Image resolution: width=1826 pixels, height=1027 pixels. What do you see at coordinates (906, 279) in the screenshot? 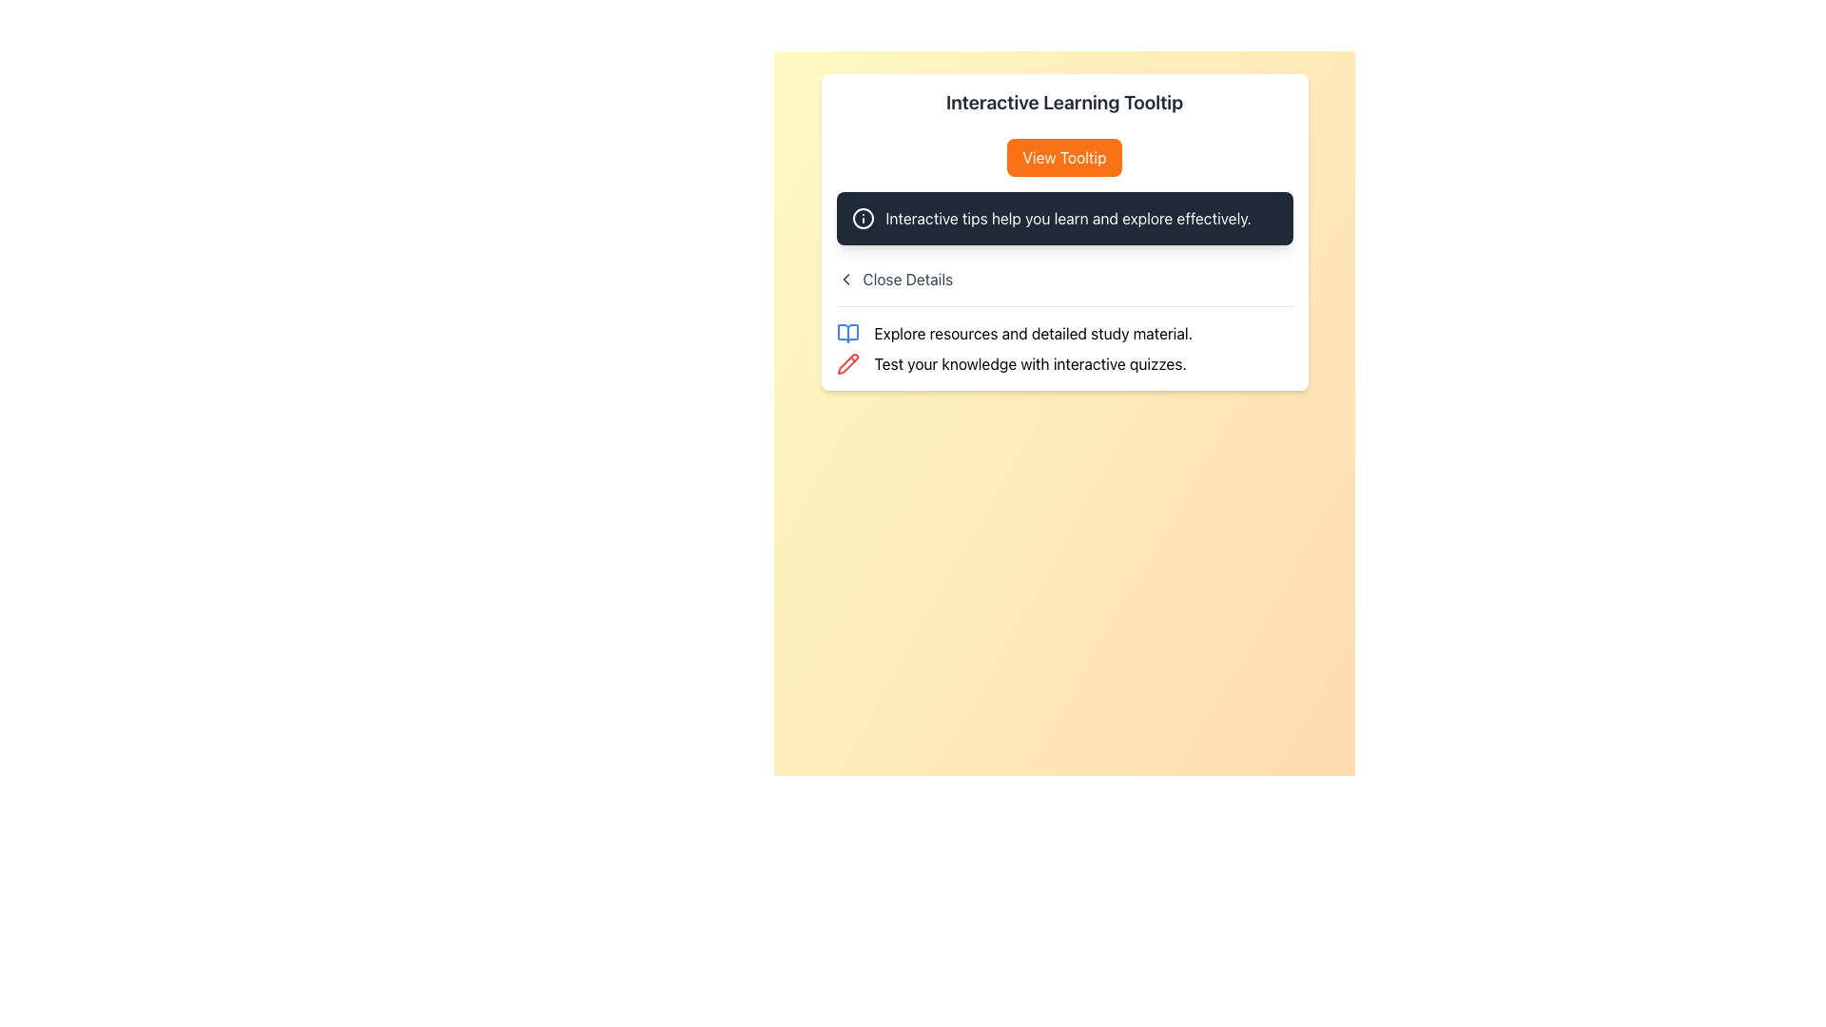
I see `text displayed on the 'Close Details' text label located in the top area of the tooltip, next to the leftwards-pointing chevron icon` at bounding box center [906, 279].